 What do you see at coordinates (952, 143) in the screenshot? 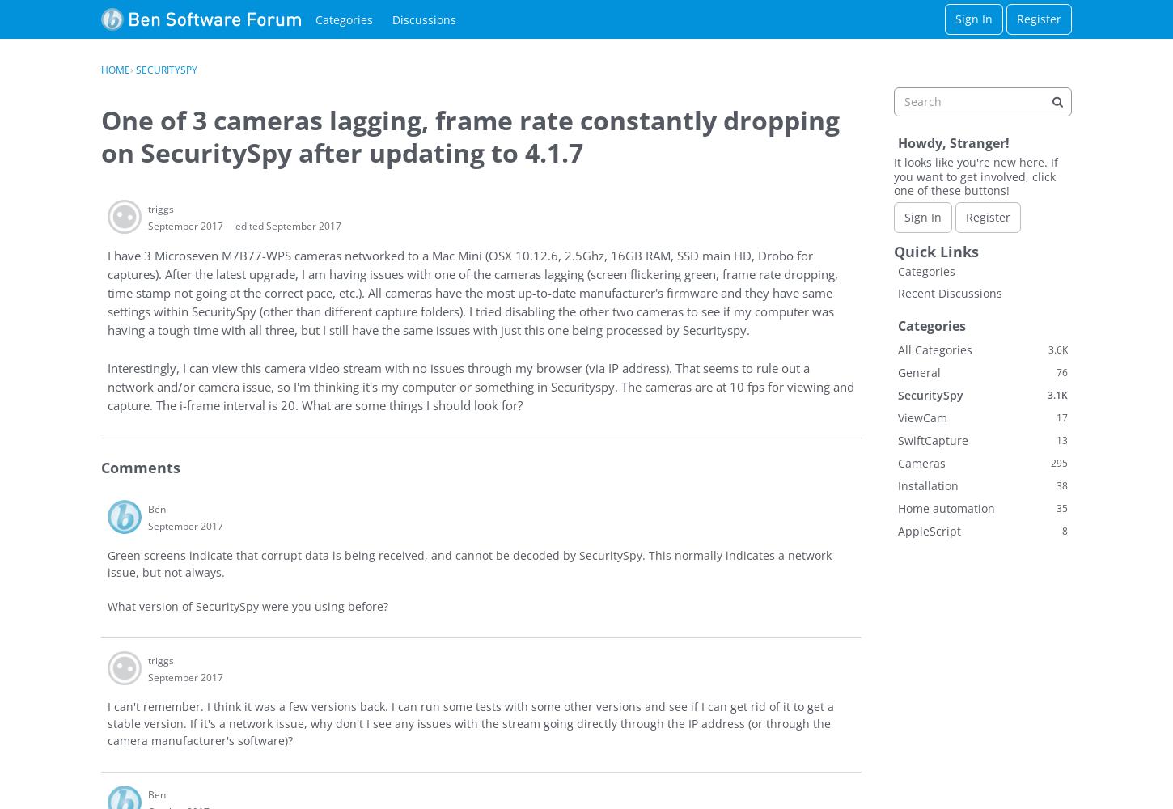
I see `'Howdy, Stranger!'` at bounding box center [952, 143].